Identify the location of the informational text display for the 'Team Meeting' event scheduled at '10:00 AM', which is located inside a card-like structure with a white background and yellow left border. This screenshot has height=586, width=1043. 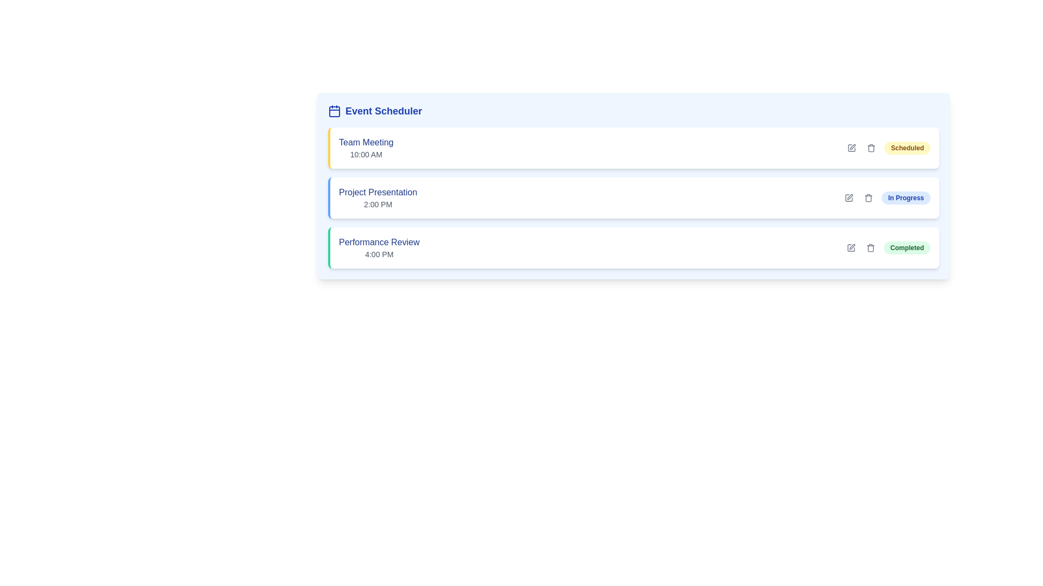
(366, 148).